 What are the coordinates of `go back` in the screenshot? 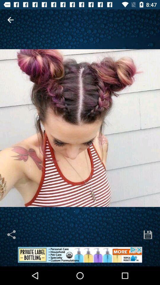 It's located at (10, 20).